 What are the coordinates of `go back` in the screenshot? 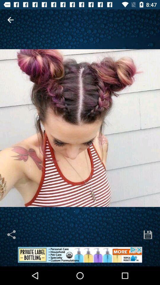 It's located at (10, 20).